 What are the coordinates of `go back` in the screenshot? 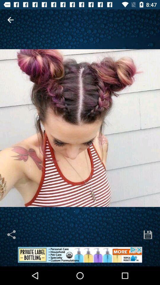 It's located at (10, 20).